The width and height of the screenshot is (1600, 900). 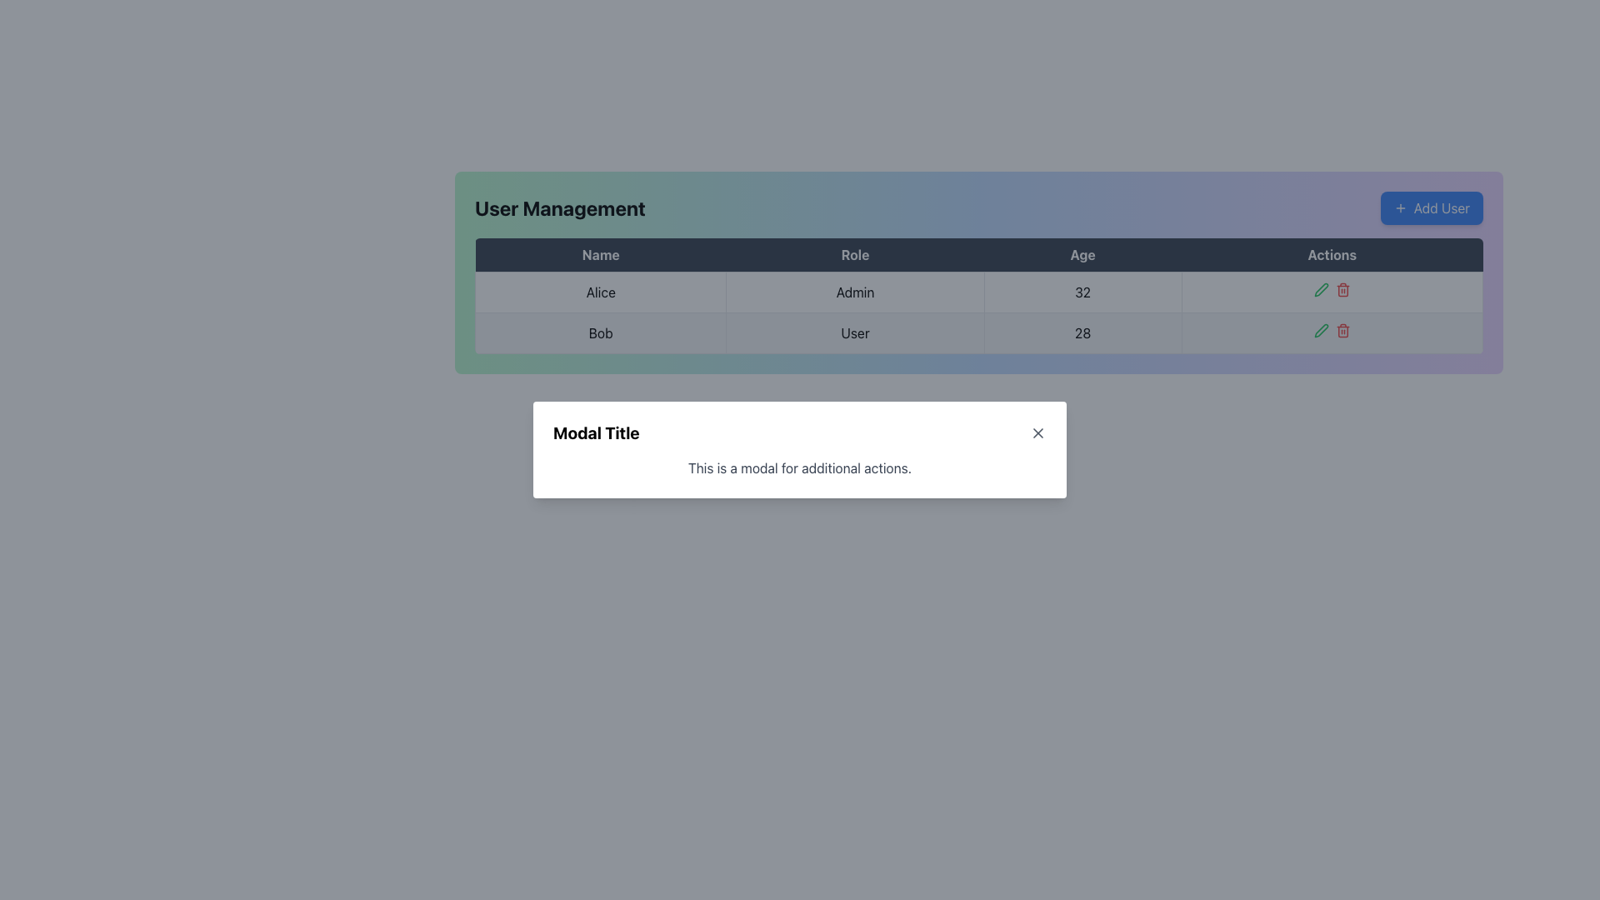 I want to click on text block that says 'This is a modal for additional actions.' located in the body of the modal dialog, just below the title 'Modal Title', so click(x=800, y=468).